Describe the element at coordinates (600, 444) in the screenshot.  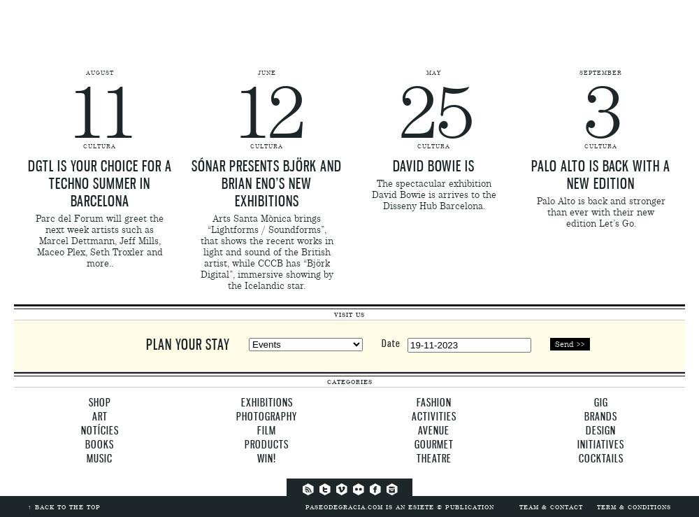
I see `'initiatives'` at that location.